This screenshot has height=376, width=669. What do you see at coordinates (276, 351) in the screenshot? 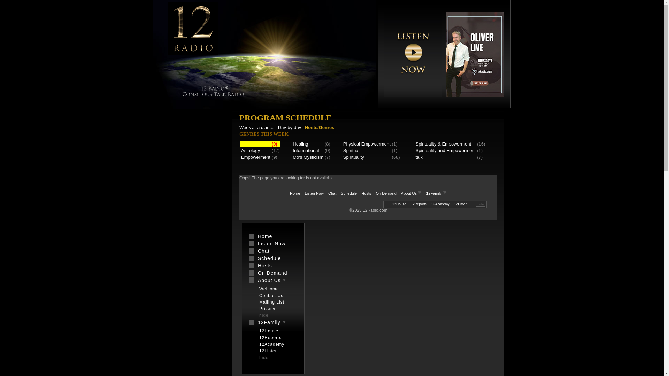
I see `'12Listen'` at bounding box center [276, 351].